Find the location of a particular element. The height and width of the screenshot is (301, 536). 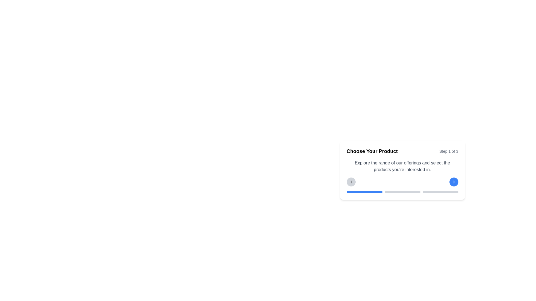

the small circular button with a blue background and a white right-facing arrow, located in the footer section of the panel labeled 'Choose Your Product' is located at coordinates (454, 182).